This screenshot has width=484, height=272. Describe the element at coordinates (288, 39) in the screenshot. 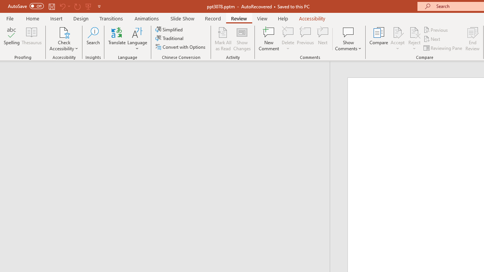

I see `'Delete'` at that location.